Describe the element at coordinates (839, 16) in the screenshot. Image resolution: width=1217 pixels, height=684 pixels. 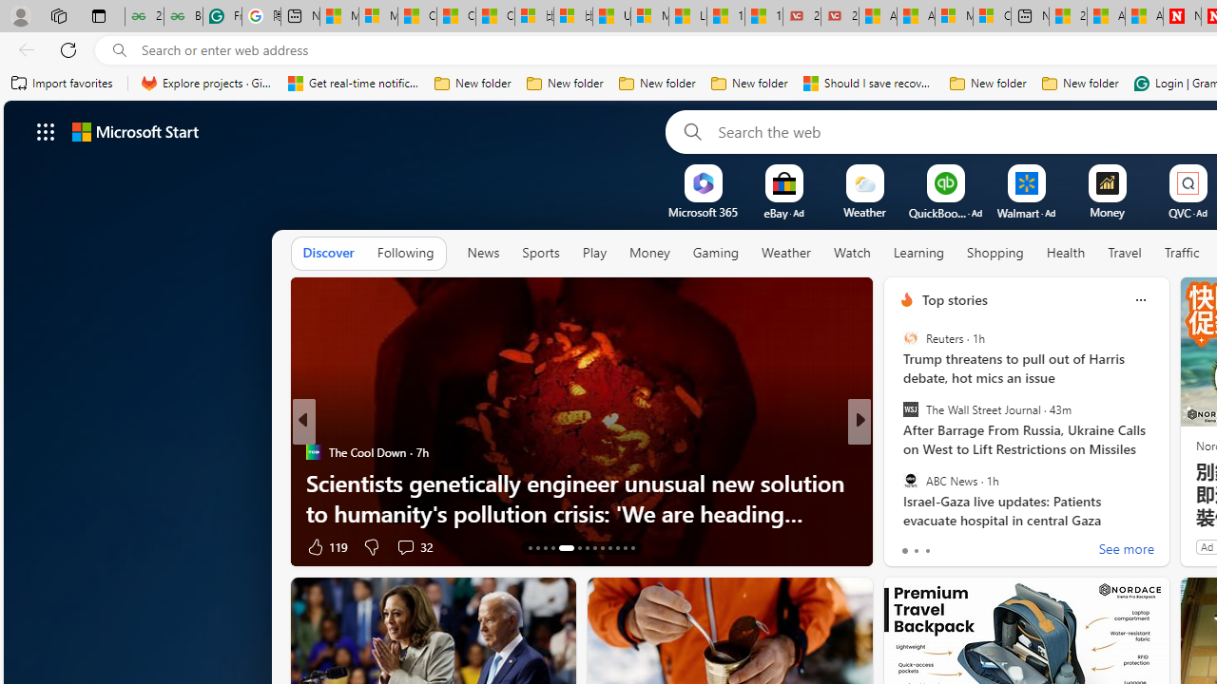
I see `'21 Movies That Outdid the Books They Were Based On'` at that location.